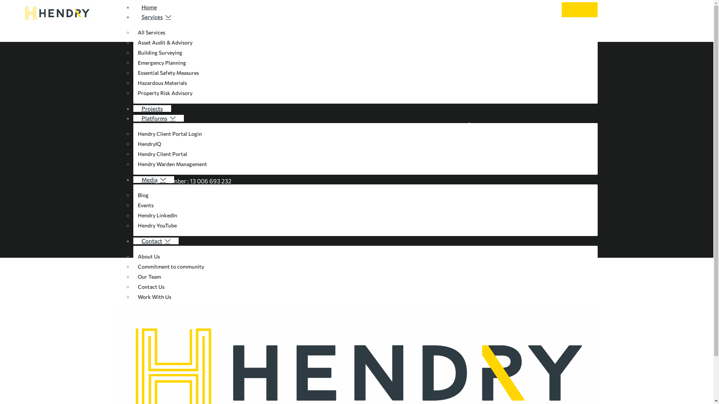 The height and width of the screenshot is (404, 719). I want to click on 'Hendry Warden Management', so click(172, 163).